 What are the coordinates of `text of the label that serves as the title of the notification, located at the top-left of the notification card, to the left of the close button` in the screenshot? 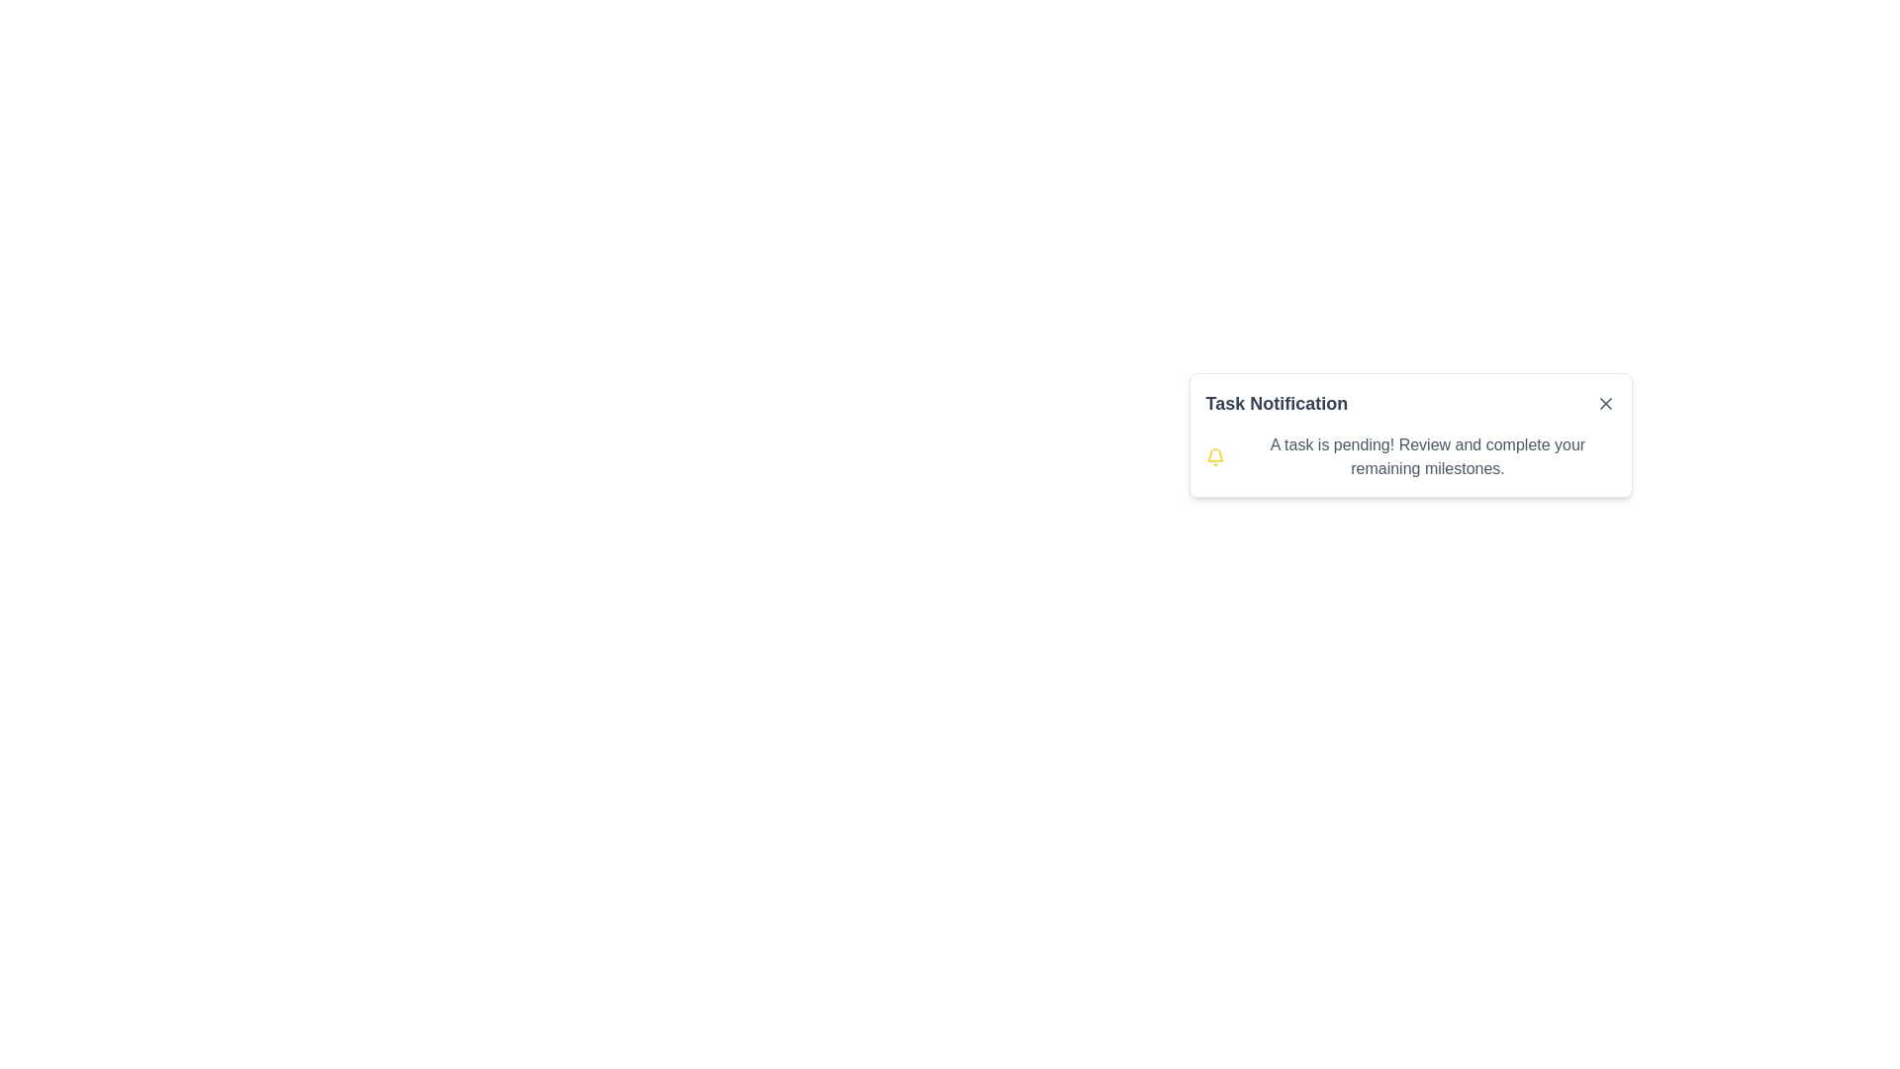 It's located at (1277, 403).